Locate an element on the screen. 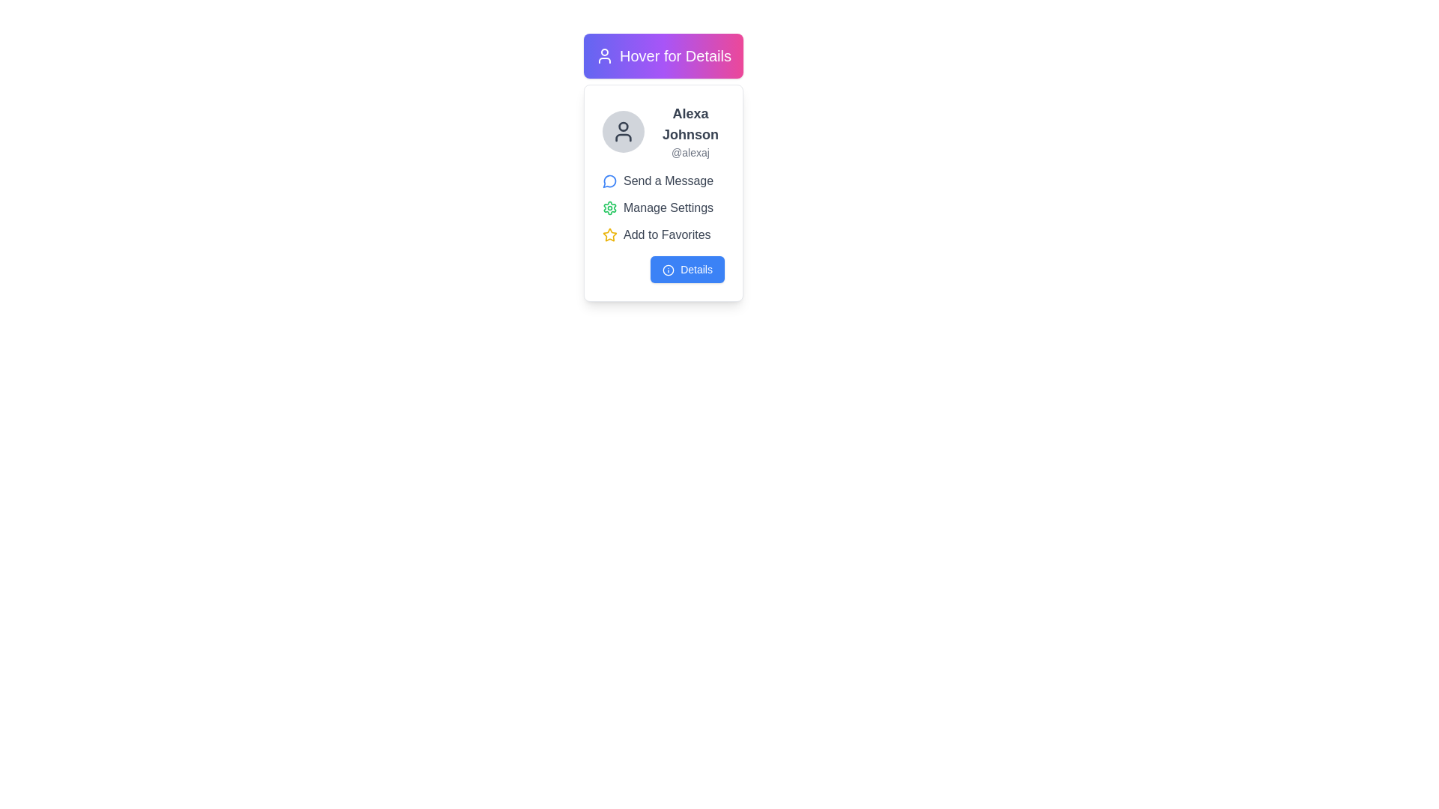 The image size is (1439, 809). the blue circular speech bubble icon with a white stroke, which is the leftmost icon in the 'Send a Message' option within the user card layout is located at coordinates (610, 181).